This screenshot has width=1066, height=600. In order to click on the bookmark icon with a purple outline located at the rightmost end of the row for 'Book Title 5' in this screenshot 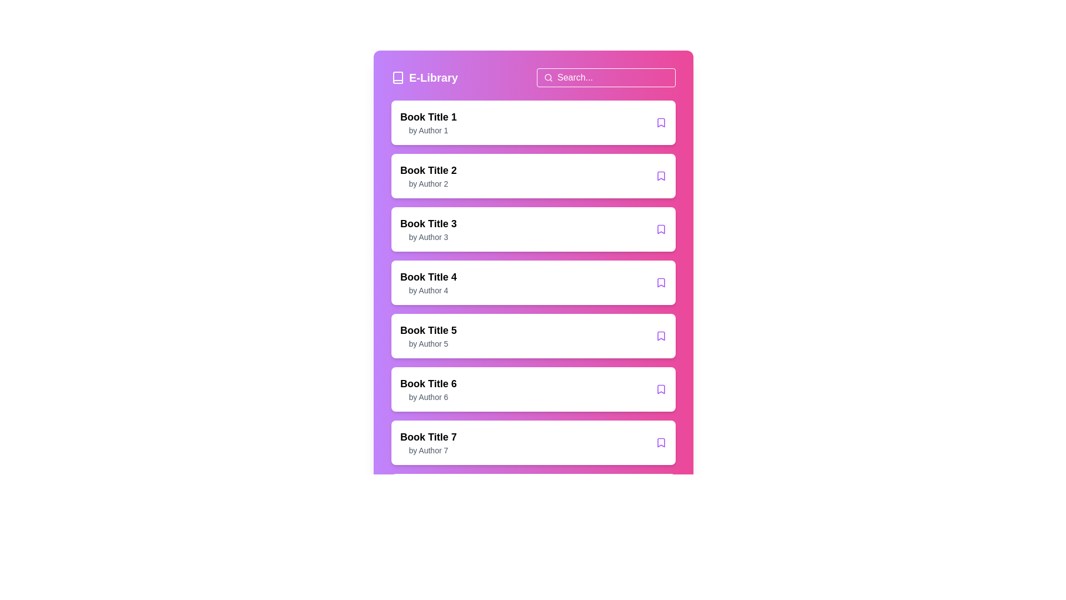, I will do `click(661, 336)`.